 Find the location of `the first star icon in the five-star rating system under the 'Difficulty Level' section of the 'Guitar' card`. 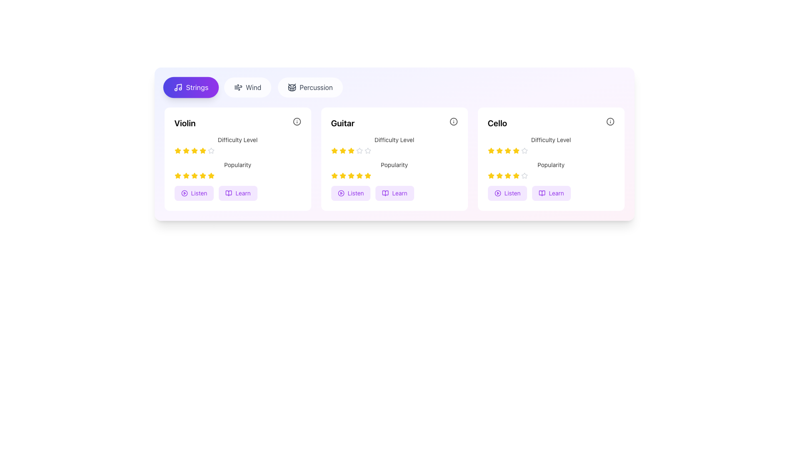

the first star icon in the five-star rating system under the 'Difficulty Level' section of the 'Guitar' card is located at coordinates (342, 150).